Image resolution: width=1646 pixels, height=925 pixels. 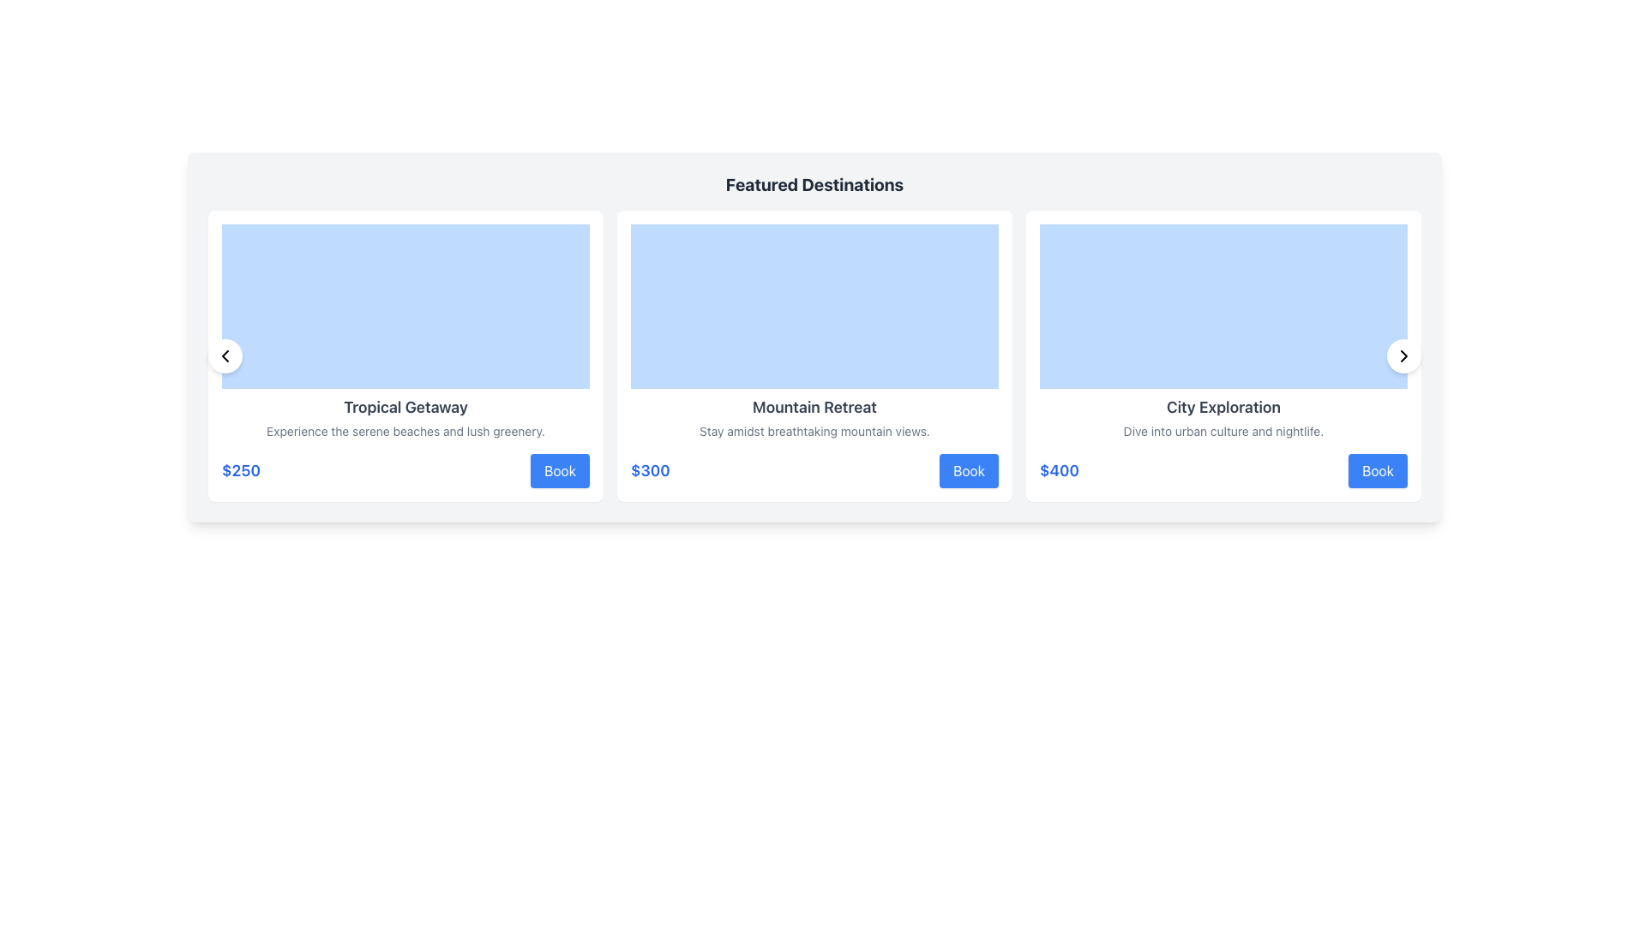 What do you see at coordinates (814, 407) in the screenshot?
I see `the static text element displaying 'Mountain Retreat' within the second card of the destination cards` at bounding box center [814, 407].